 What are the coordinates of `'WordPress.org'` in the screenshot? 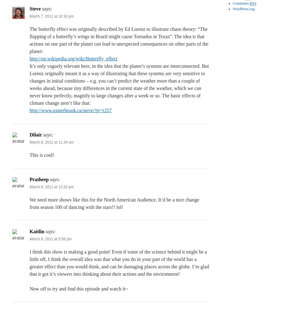 It's located at (243, 9).